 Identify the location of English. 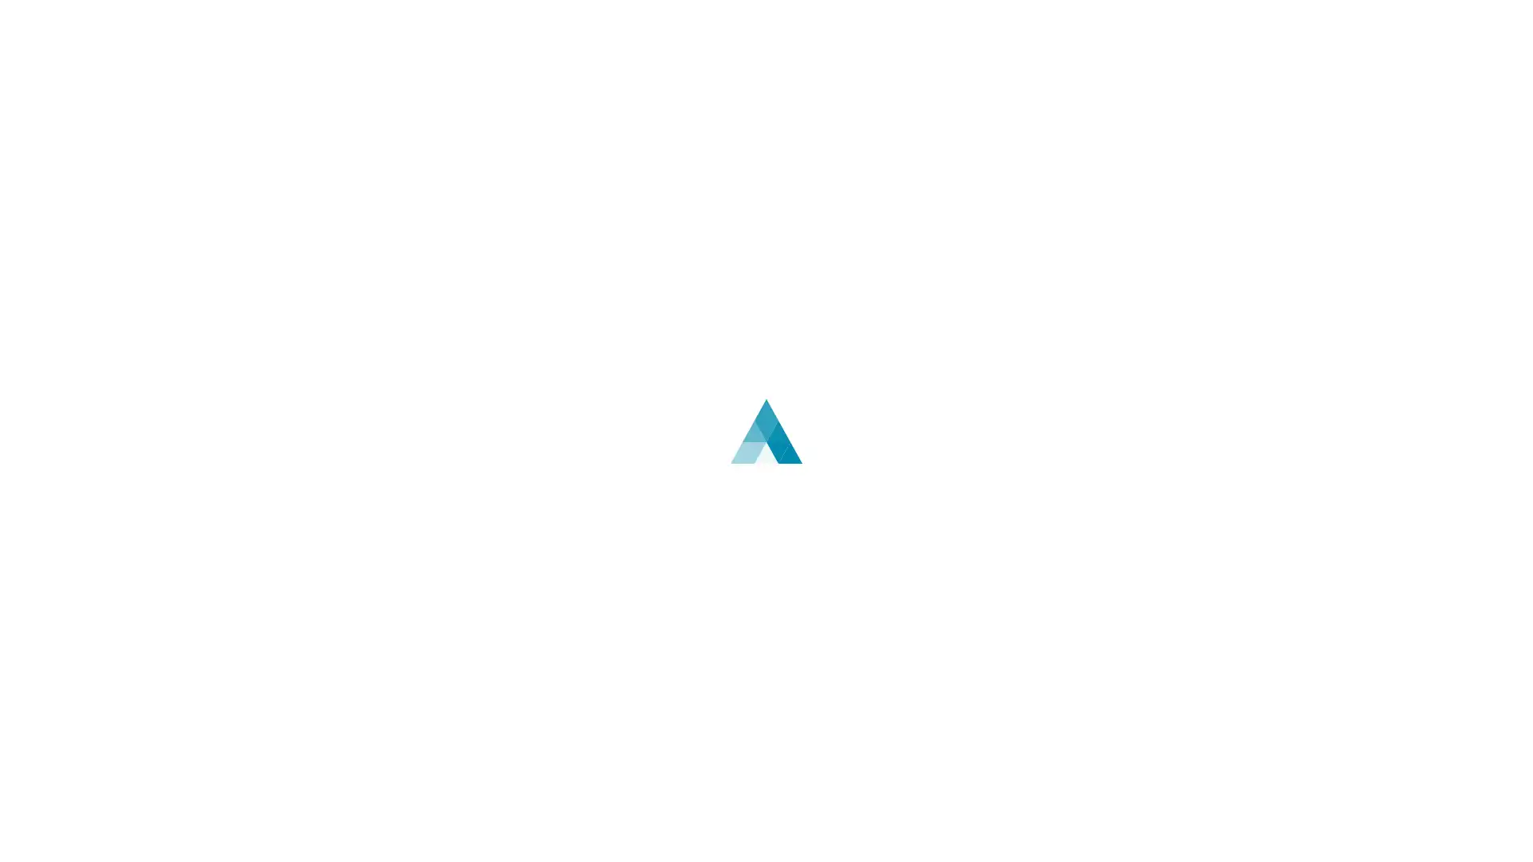
(921, 611).